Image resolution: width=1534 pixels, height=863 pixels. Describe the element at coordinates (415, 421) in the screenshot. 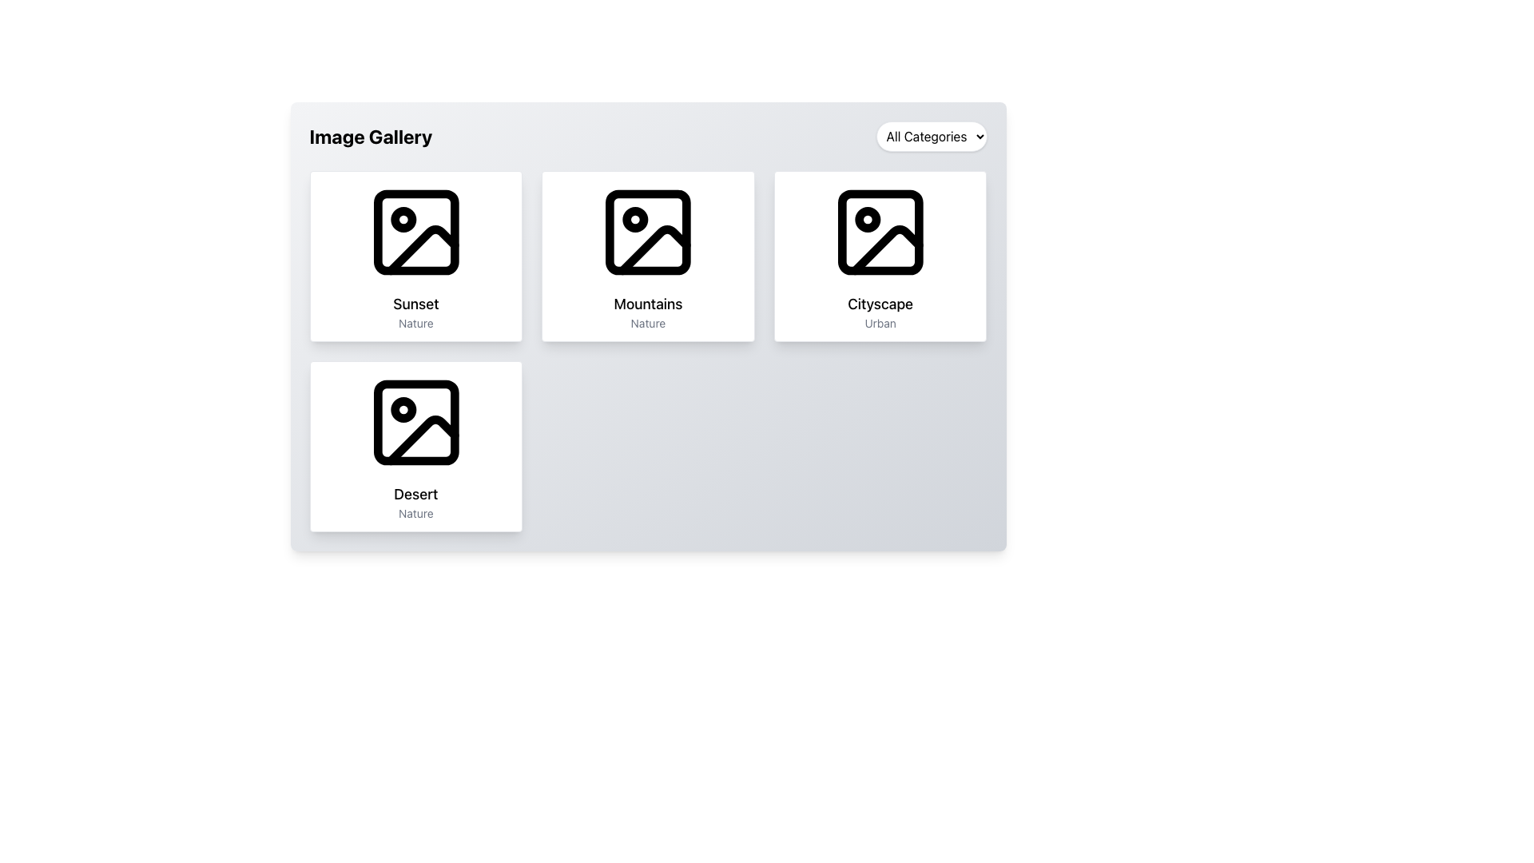

I see `the minimalist mountain and sun icon in the bottom-left panel of the 'Image Gallery' card labeled 'Desert'` at that location.